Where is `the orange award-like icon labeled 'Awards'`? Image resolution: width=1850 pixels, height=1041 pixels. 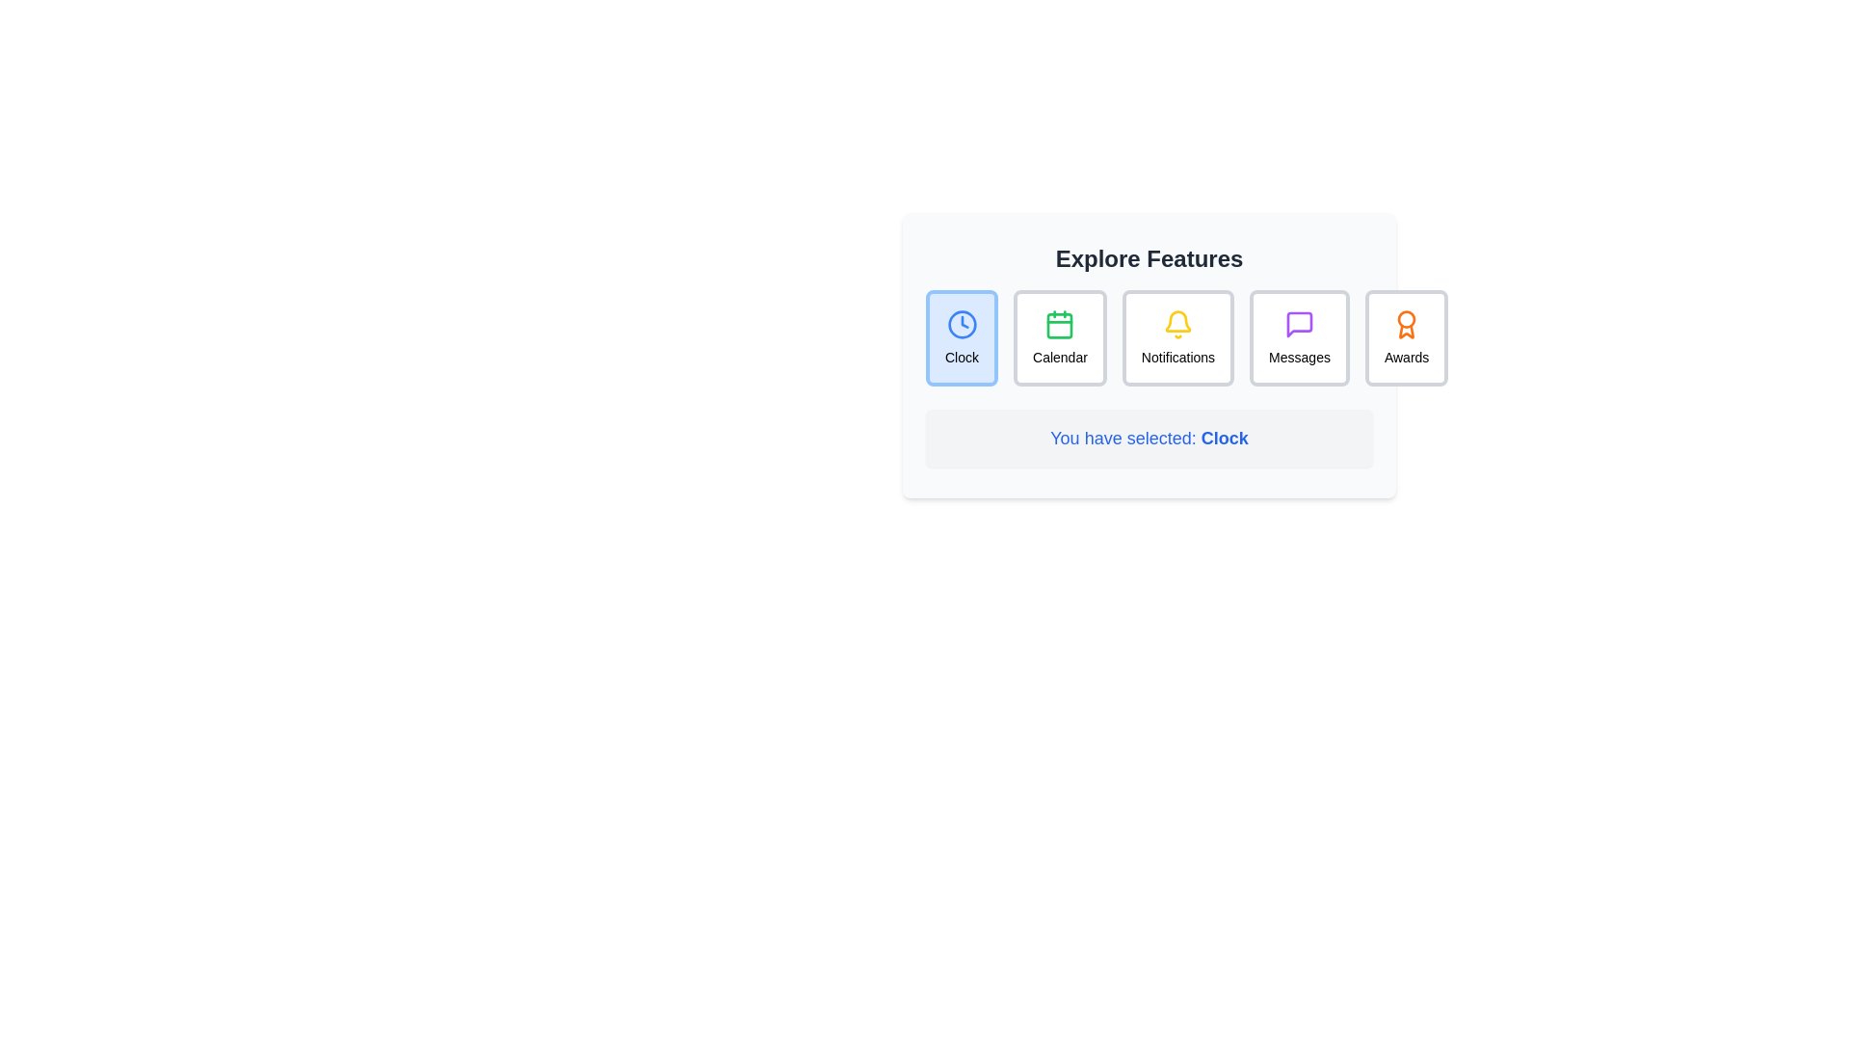 the orange award-like icon labeled 'Awards' is located at coordinates (1407, 337).